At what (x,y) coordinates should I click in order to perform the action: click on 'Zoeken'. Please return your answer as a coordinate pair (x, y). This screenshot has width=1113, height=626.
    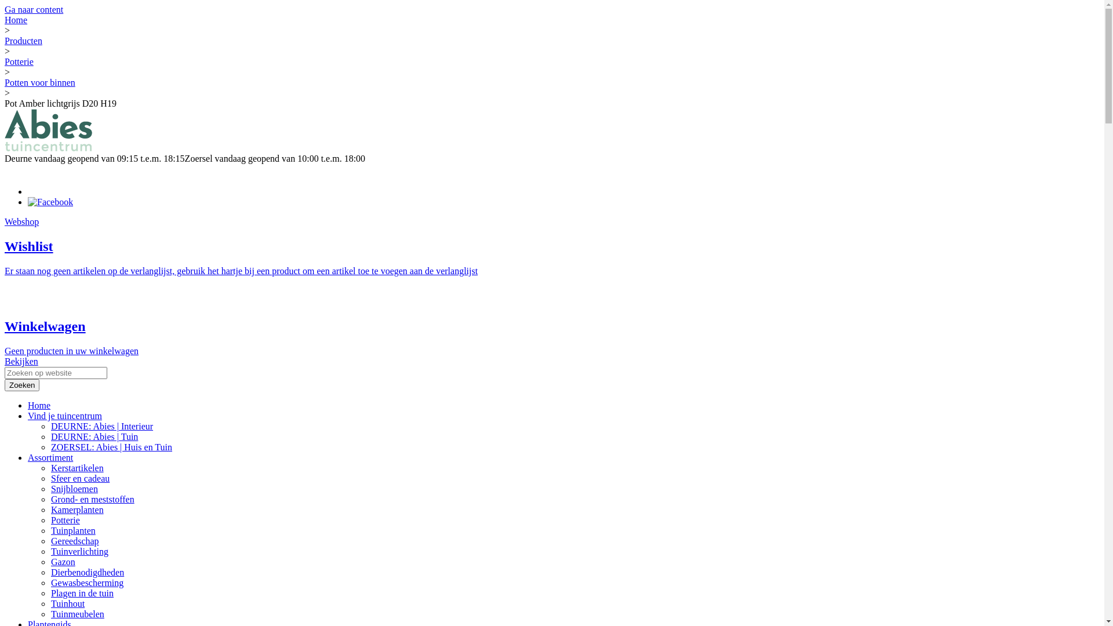
    Looking at the image, I should click on (22, 385).